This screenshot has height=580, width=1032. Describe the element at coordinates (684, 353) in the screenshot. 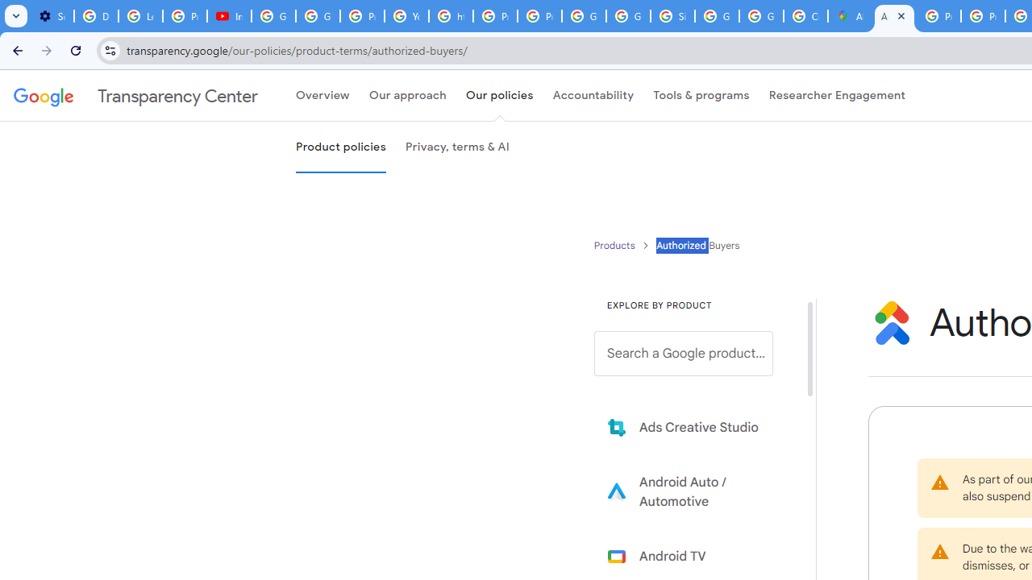

I see `'Search a Google product from below list.'` at that location.